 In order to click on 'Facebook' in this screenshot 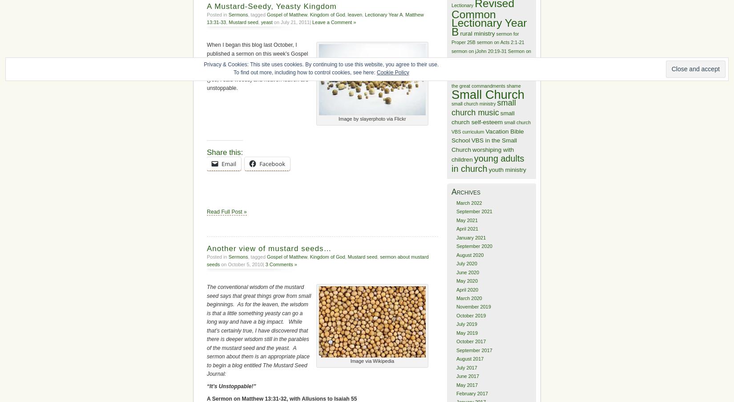, I will do `click(258, 163)`.